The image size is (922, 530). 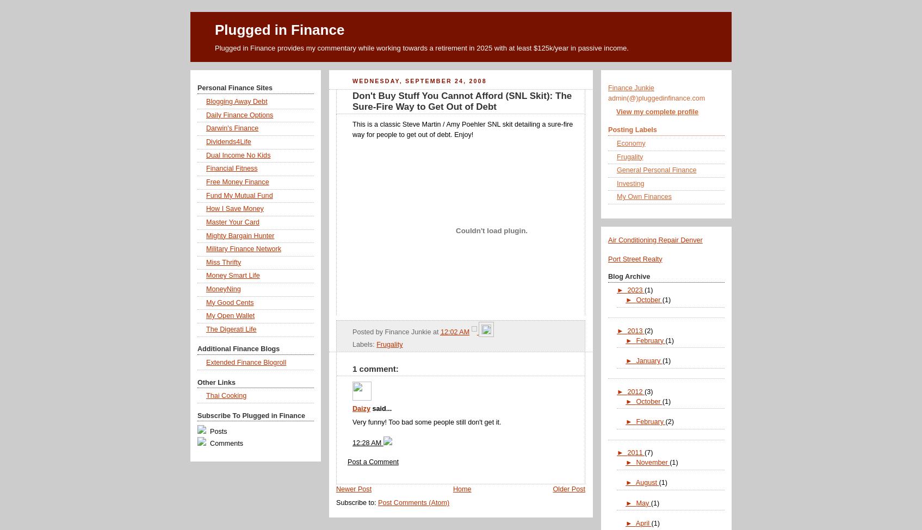 I want to click on 'Dividends4Life', so click(x=228, y=142).